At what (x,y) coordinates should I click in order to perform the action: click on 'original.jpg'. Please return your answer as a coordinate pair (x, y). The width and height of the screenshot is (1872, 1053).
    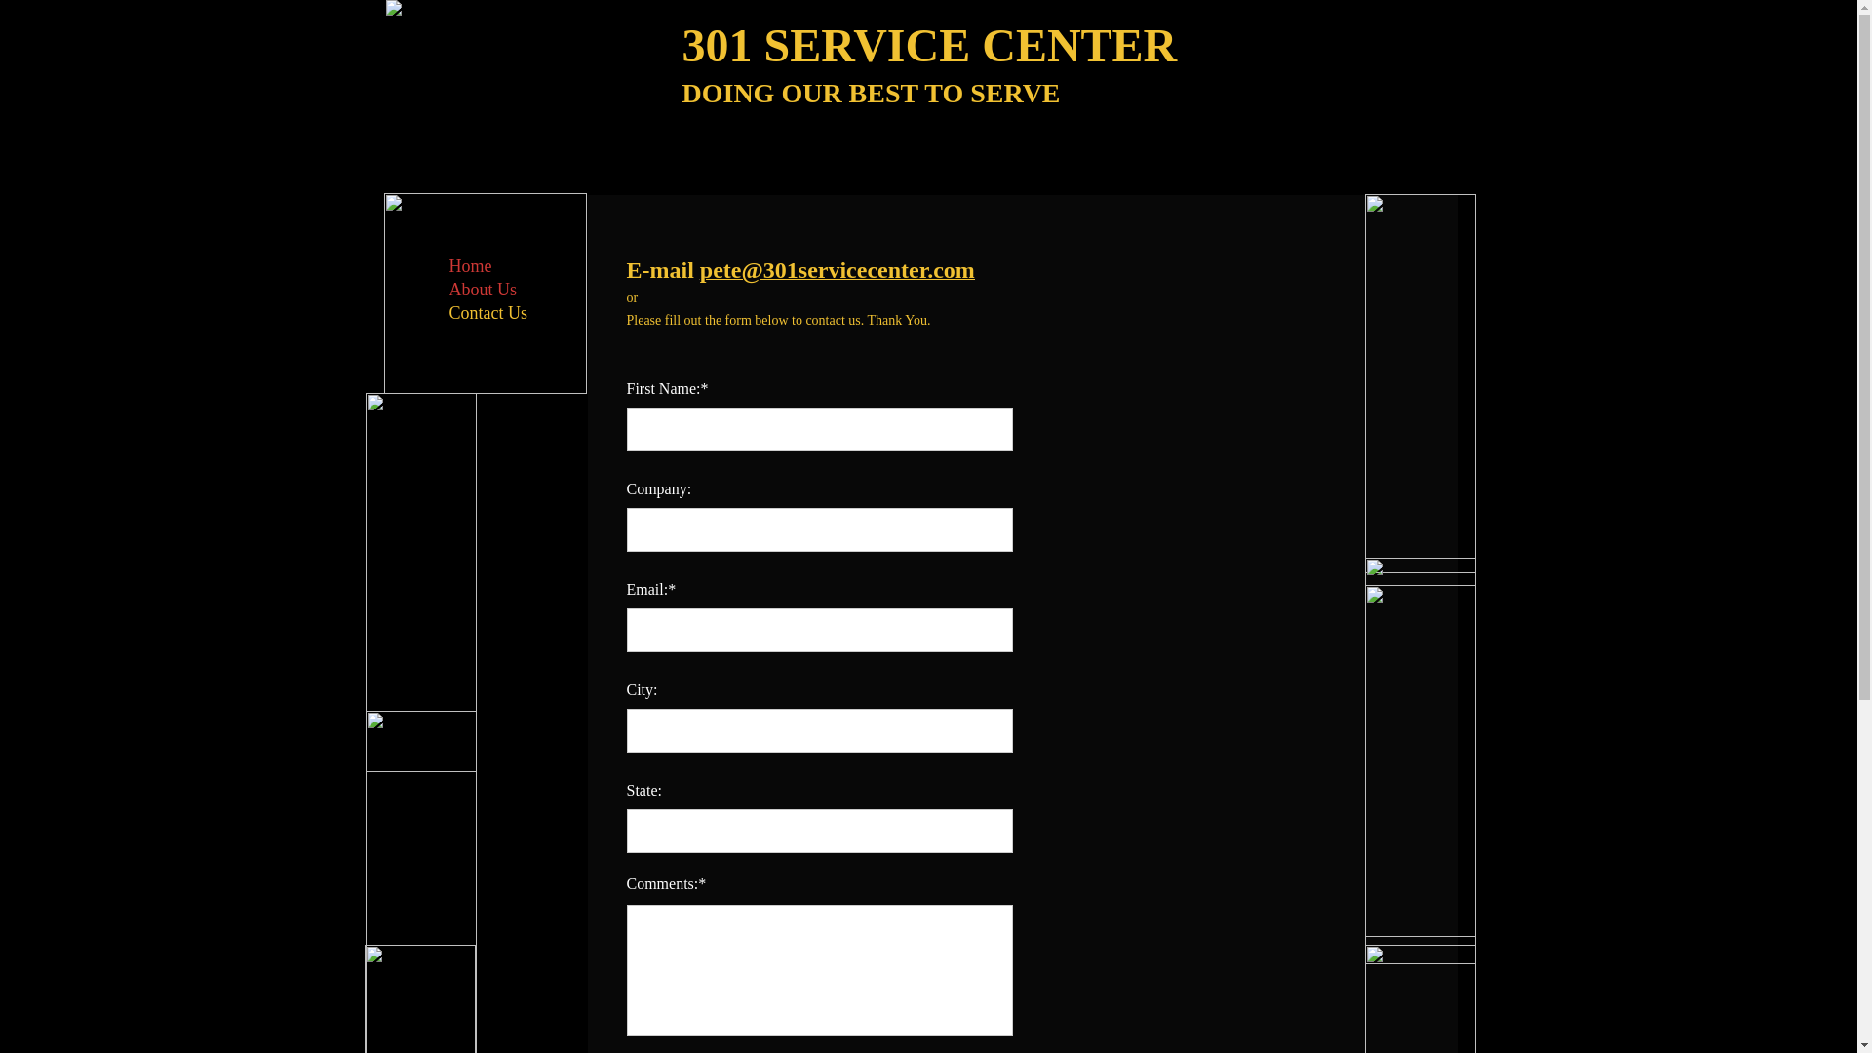
    Looking at the image, I should click on (419, 581).